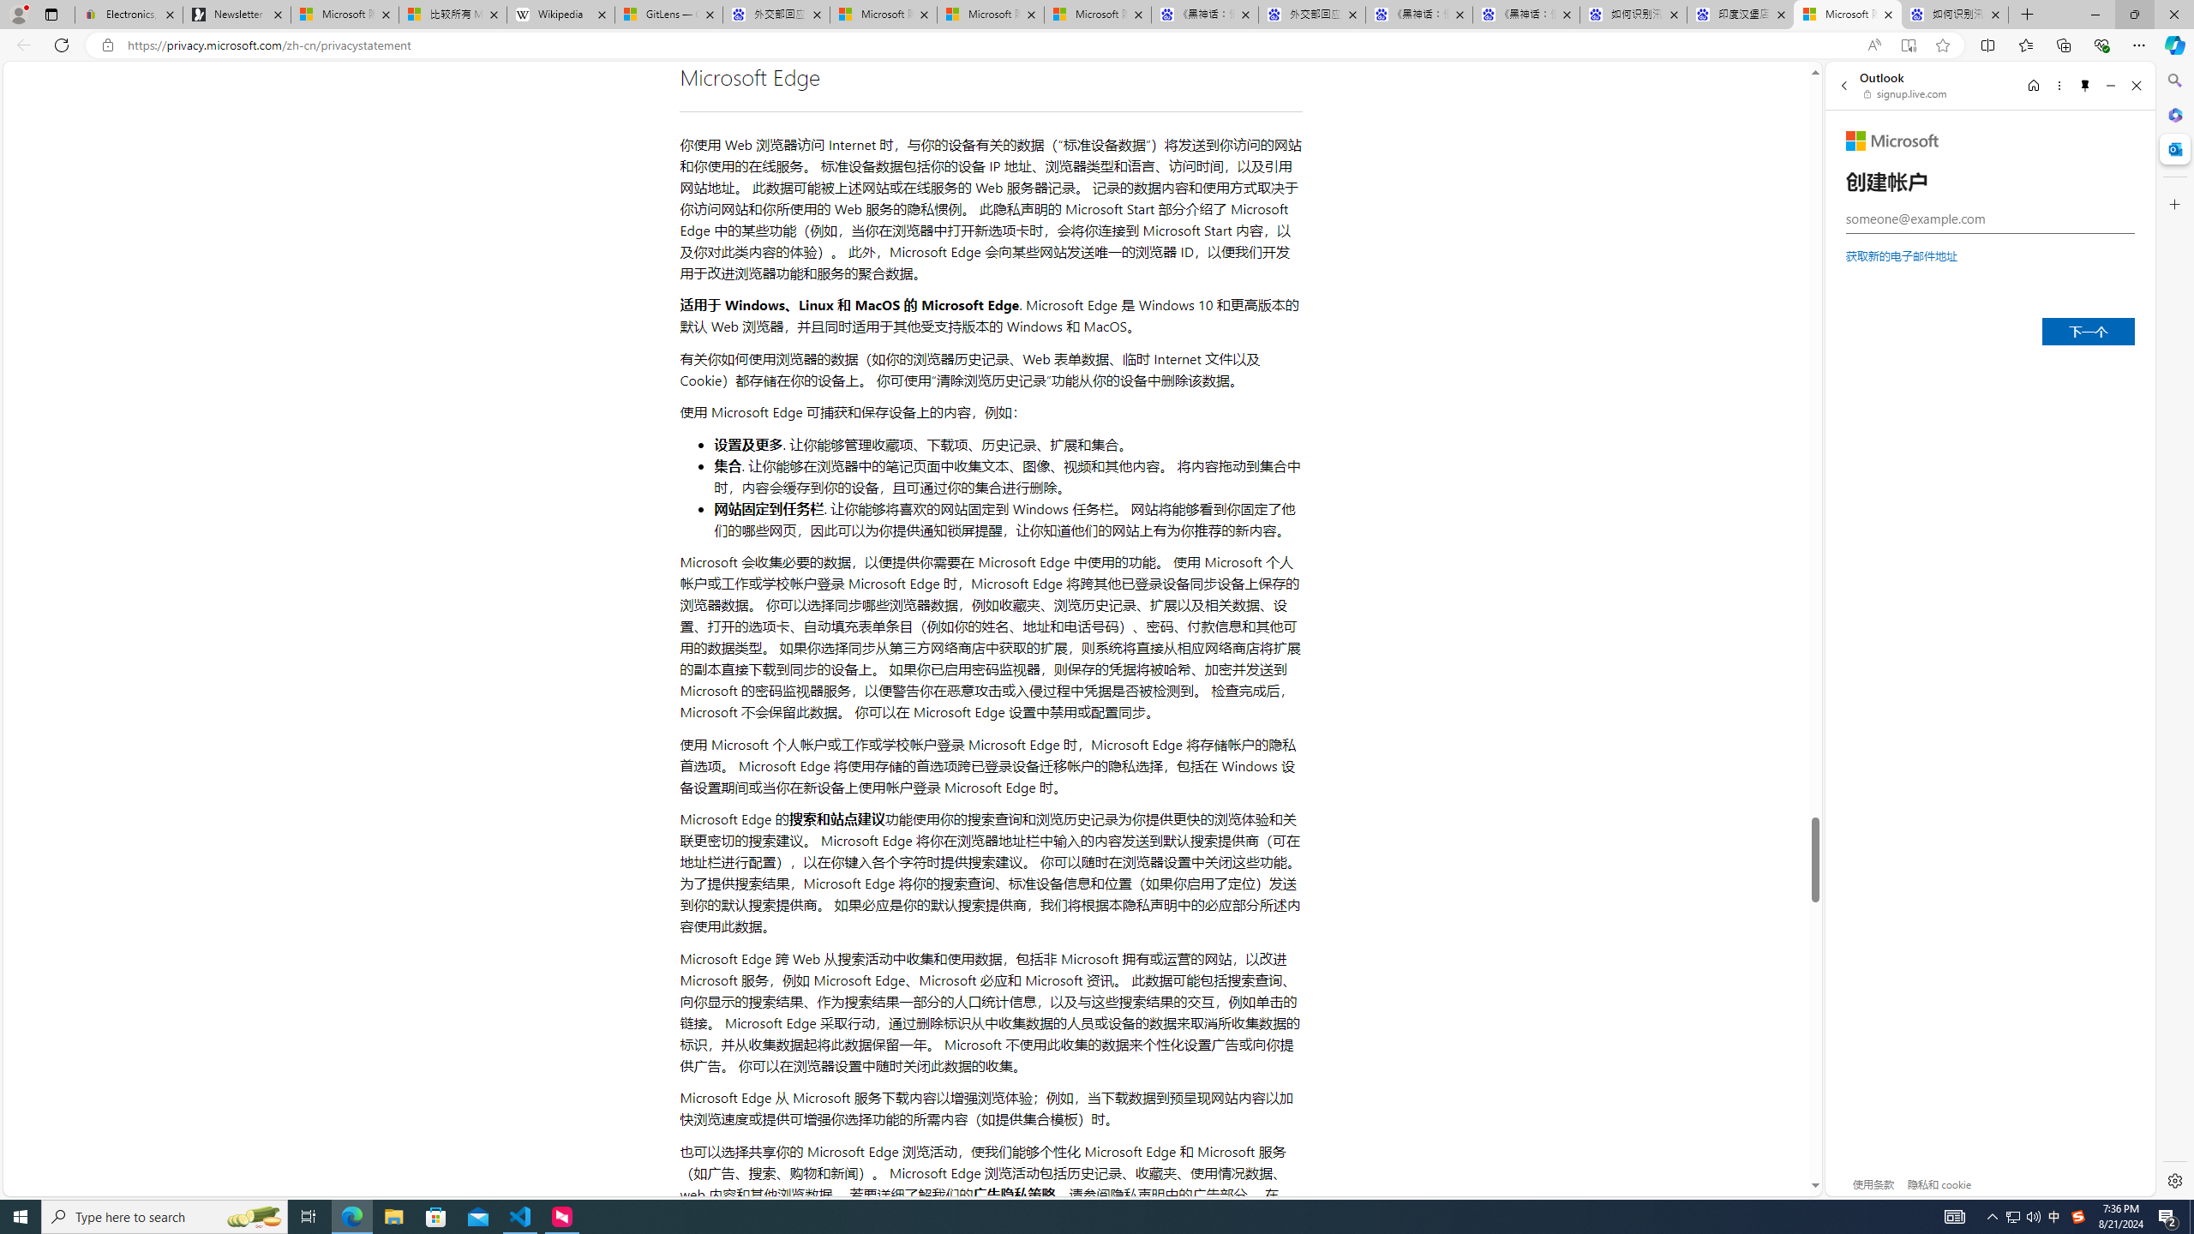 The image size is (2194, 1234). I want to click on 'Wikipedia', so click(561, 14).